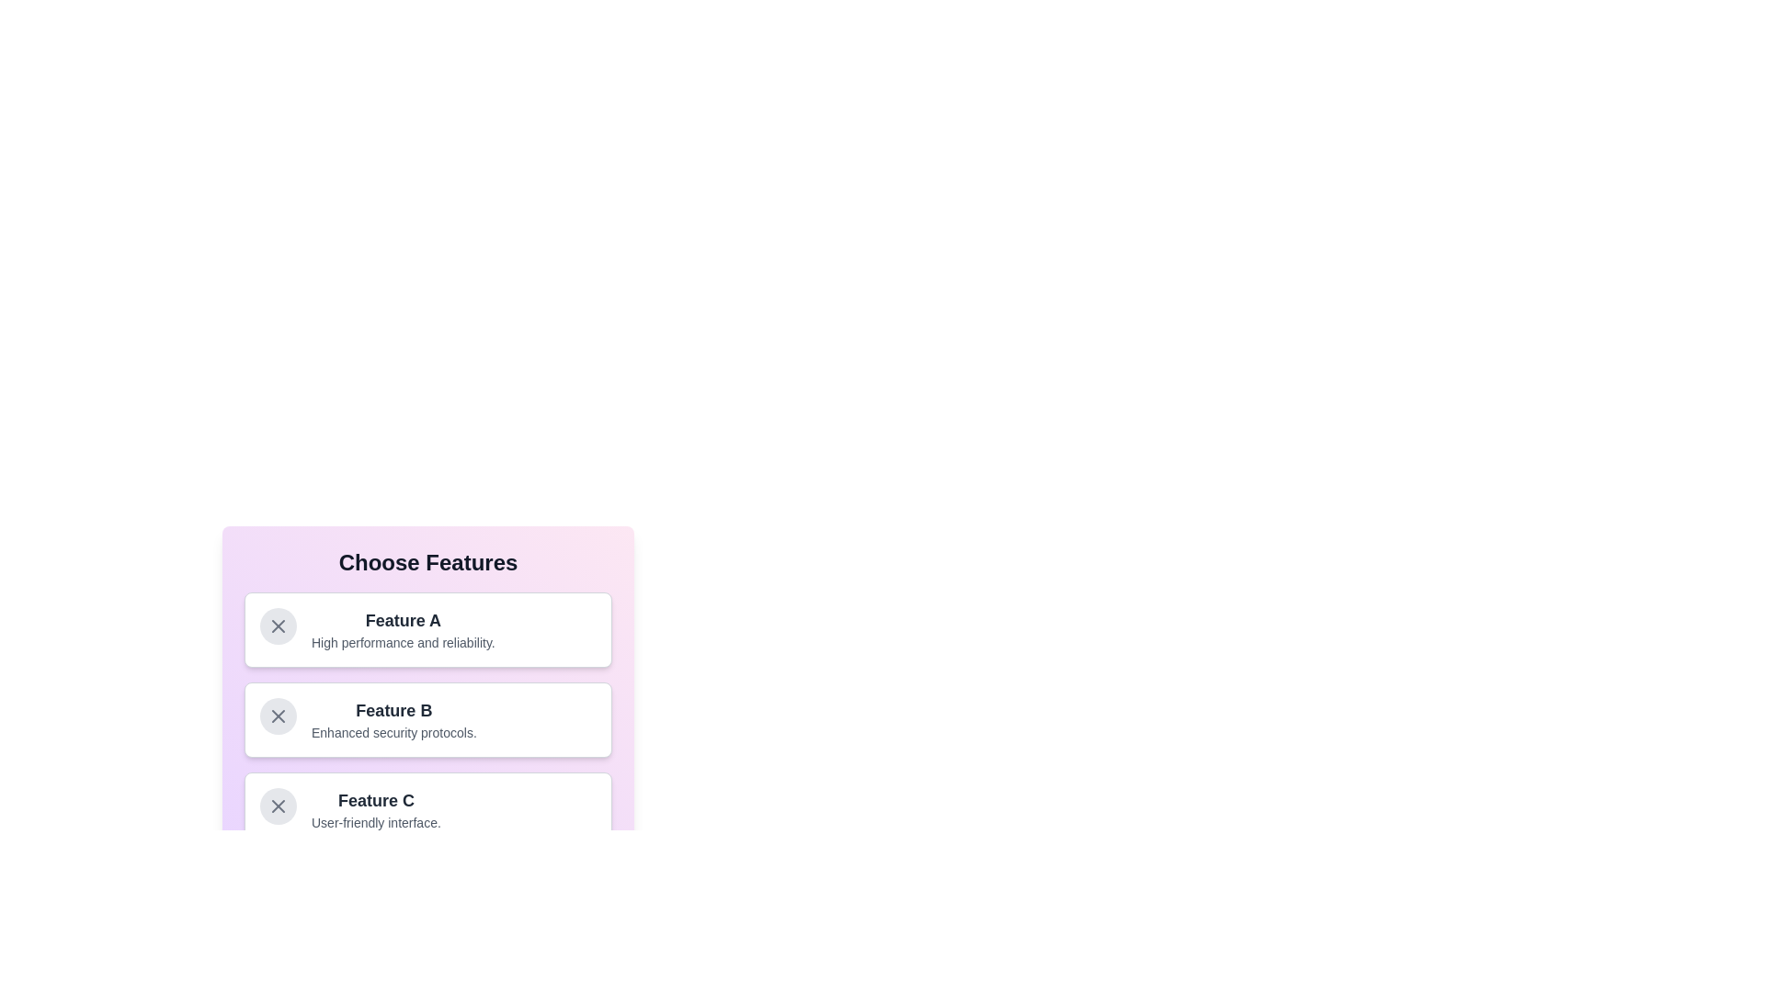 This screenshot has height=992, width=1765. I want to click on the Text content block displaying 'Feature A' with a description of 'High performance and reliability.' in a card layout, located below the header 'Choose Features', so click(402, 629).